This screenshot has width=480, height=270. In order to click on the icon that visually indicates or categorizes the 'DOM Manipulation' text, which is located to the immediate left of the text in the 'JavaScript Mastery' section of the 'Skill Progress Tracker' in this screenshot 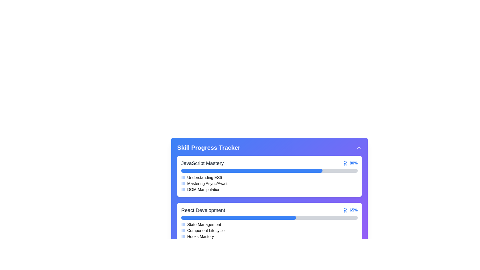, I will do `click(183, 190)`.